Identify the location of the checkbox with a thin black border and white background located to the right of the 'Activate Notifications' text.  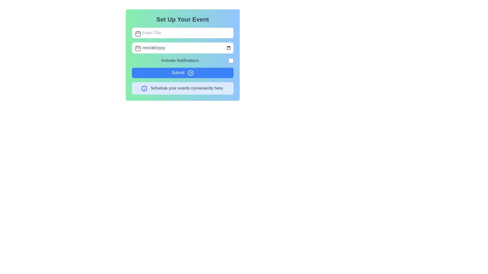
(231, 60).